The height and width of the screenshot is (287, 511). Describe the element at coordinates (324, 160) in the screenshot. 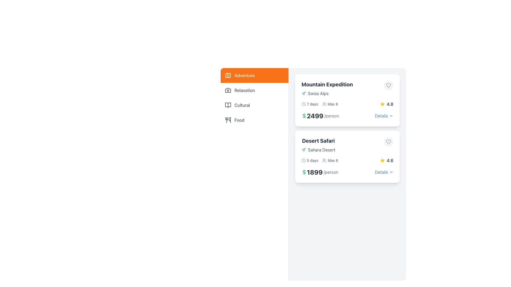

I see `the small gray icon representing a group of people, located to the left of the text 'Max 6' in the travel package details row` at that location.